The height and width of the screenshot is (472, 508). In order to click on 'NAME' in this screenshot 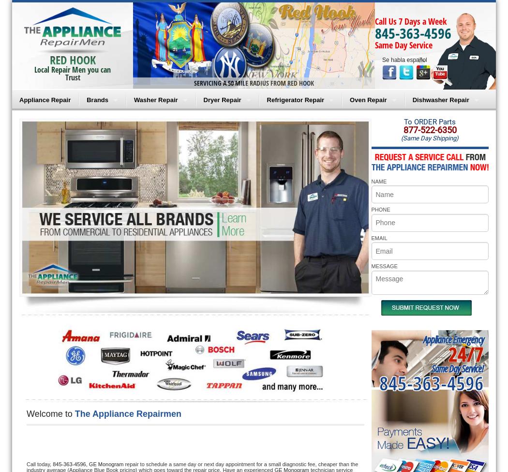, I will do `click(378, 181)`.